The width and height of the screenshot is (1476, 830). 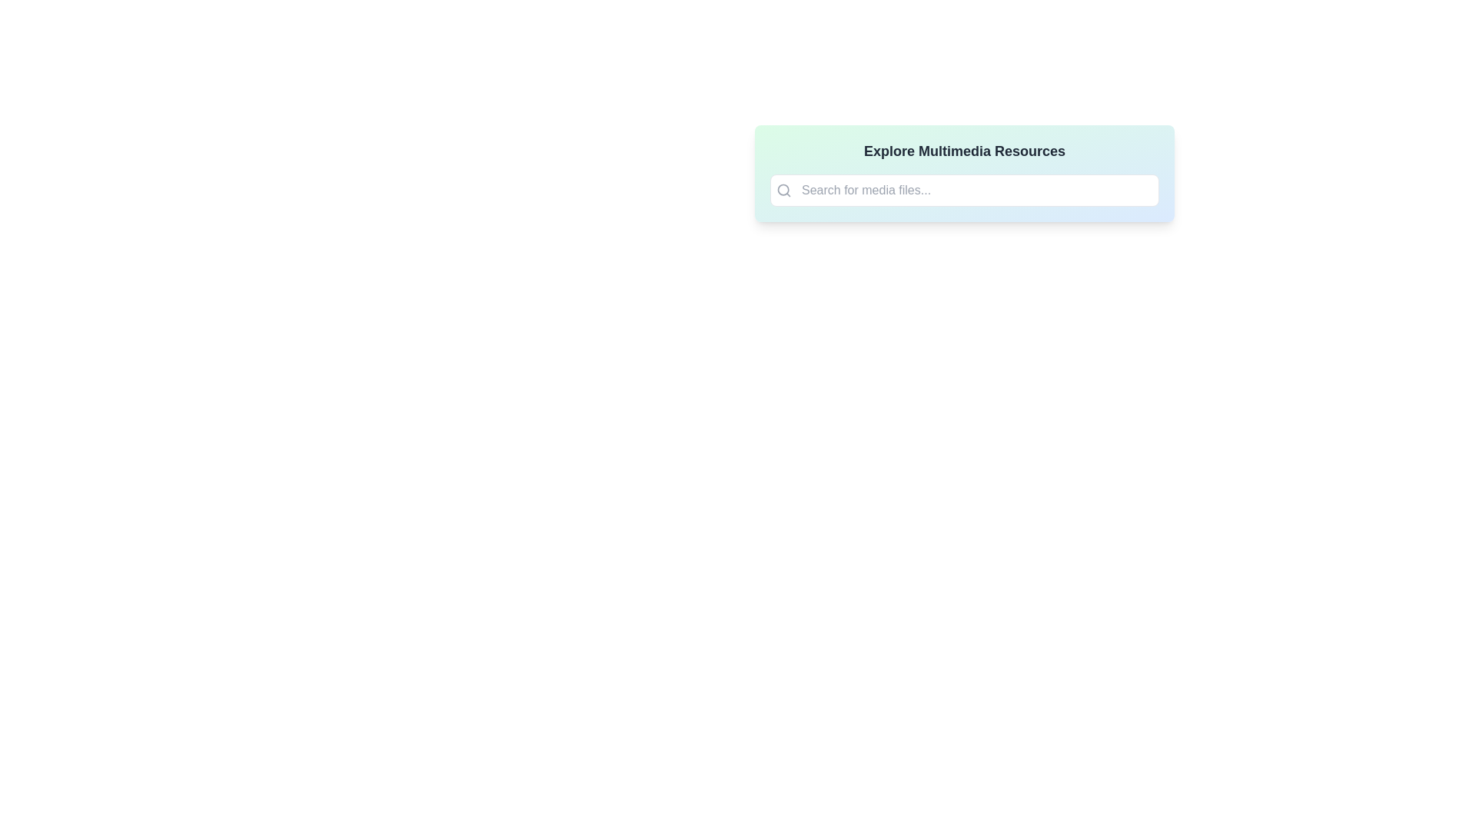 I want to click on the search icon located on the left side inside the search input box, which indicates that the adjacent field is for entering search queries, so click(x=783, y=189).